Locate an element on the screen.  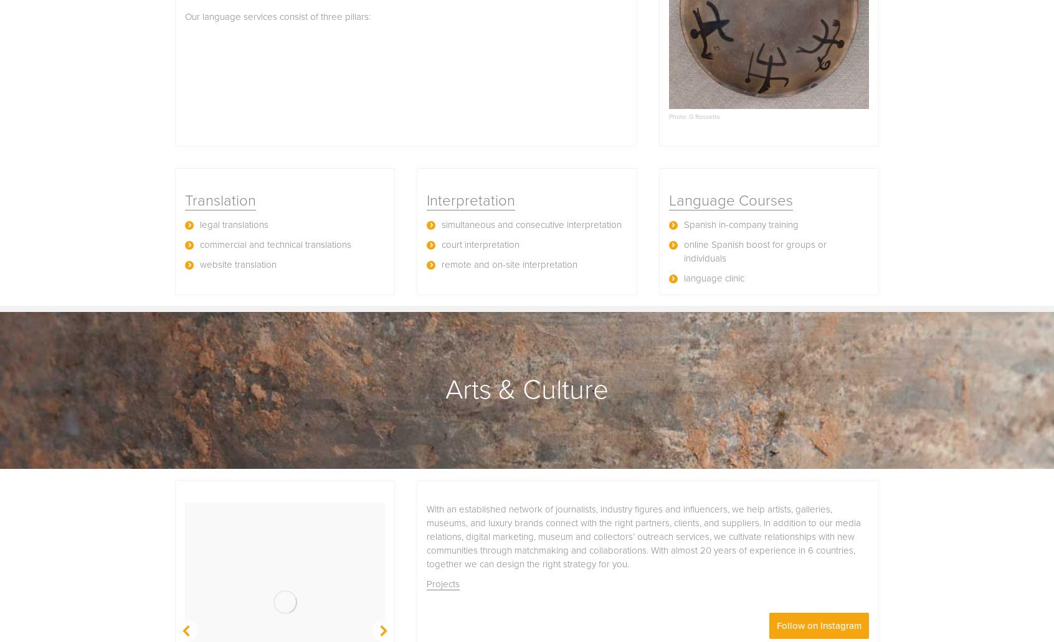
'commercial and technical translations' is located at coordinates (199, 243).